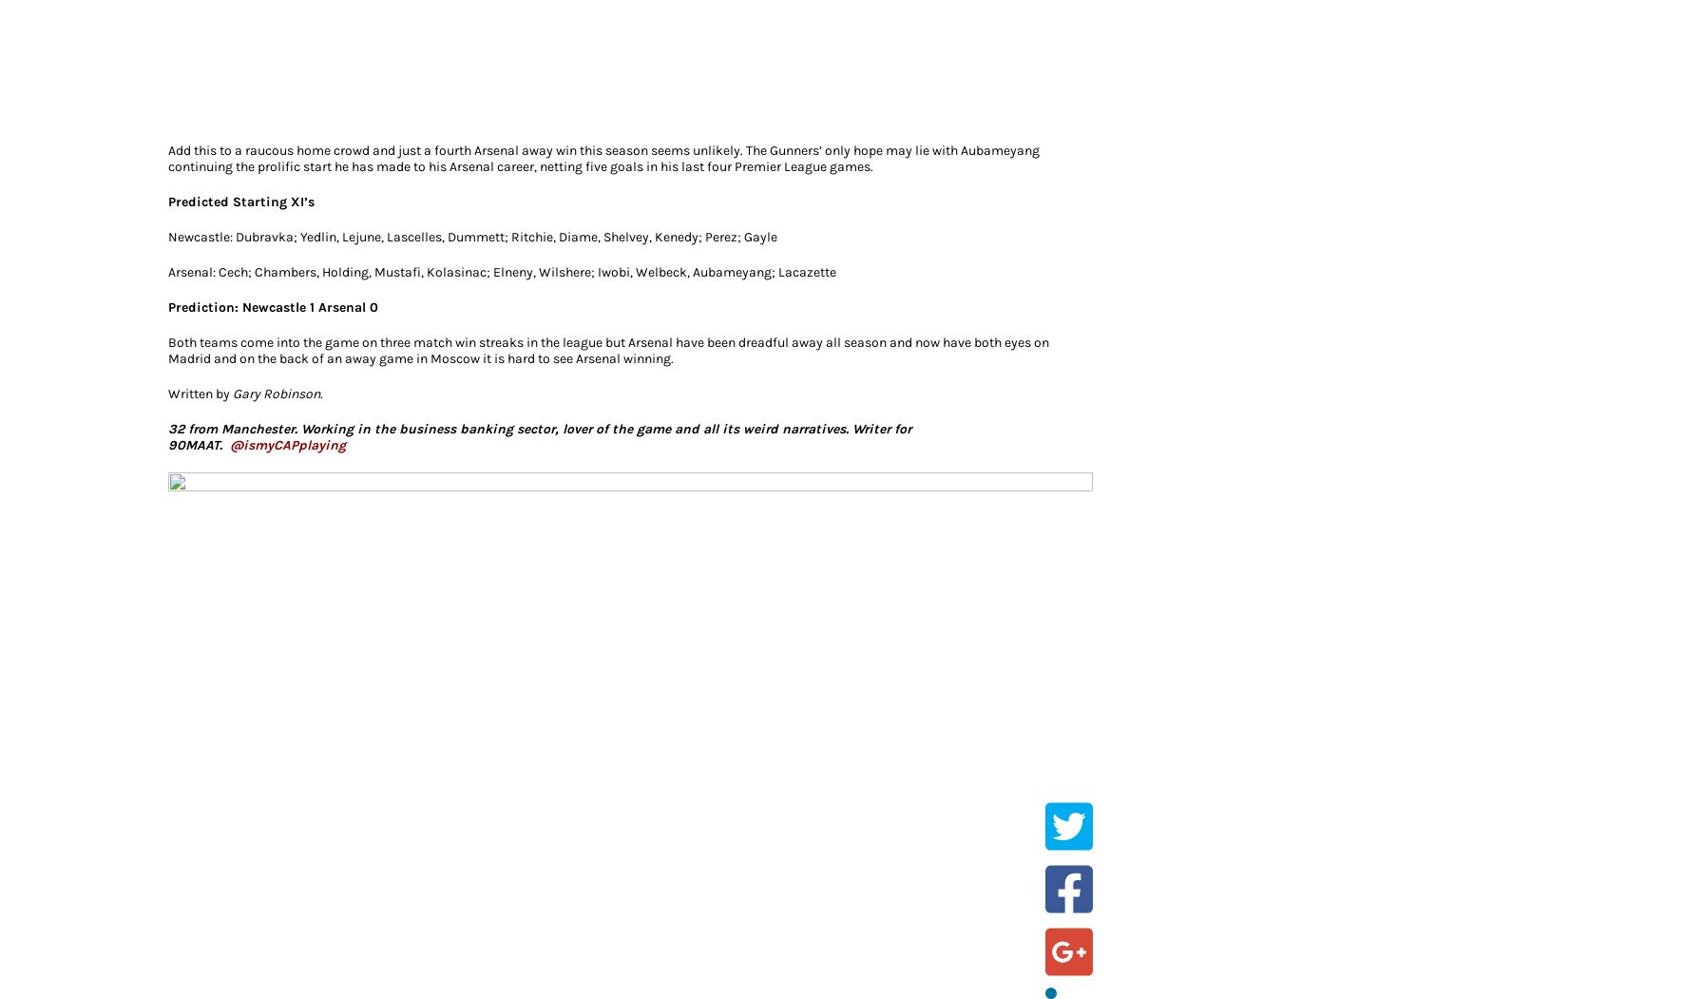 The image size is (1684, 999). What do you see at coordinates (471, 236) in the screenshot?
I see `'Newcastle: Dubravka; Yedlin, Lejune, Lascelles, Dummett; Ritchie, Diame, Shelvey, Kenedy; Perez; Gayle'` at bounding box center [471, 236].